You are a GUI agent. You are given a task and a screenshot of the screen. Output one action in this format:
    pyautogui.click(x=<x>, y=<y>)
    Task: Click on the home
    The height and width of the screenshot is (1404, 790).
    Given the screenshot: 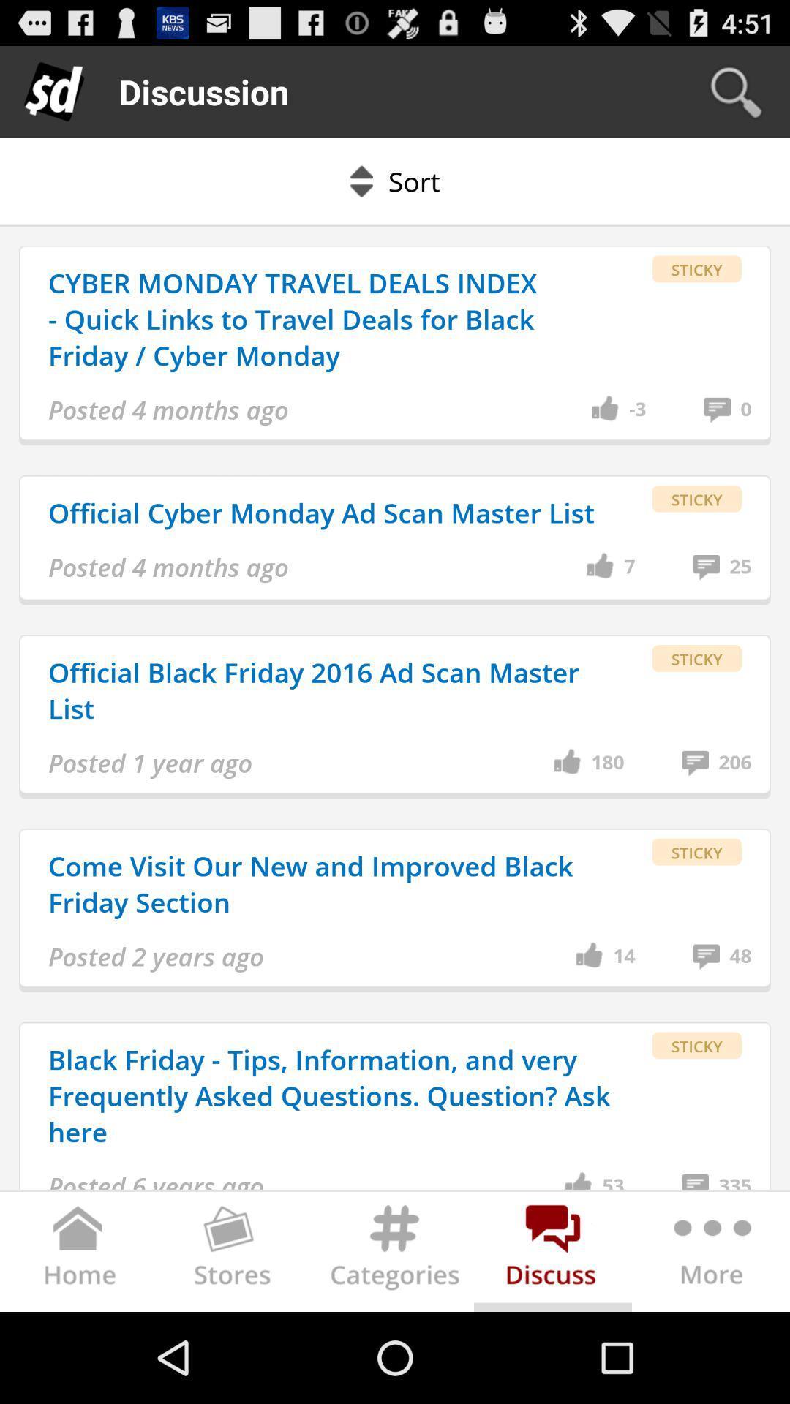 What is the action you would take?
    pyautogui.click(x=79, y=1254)
    